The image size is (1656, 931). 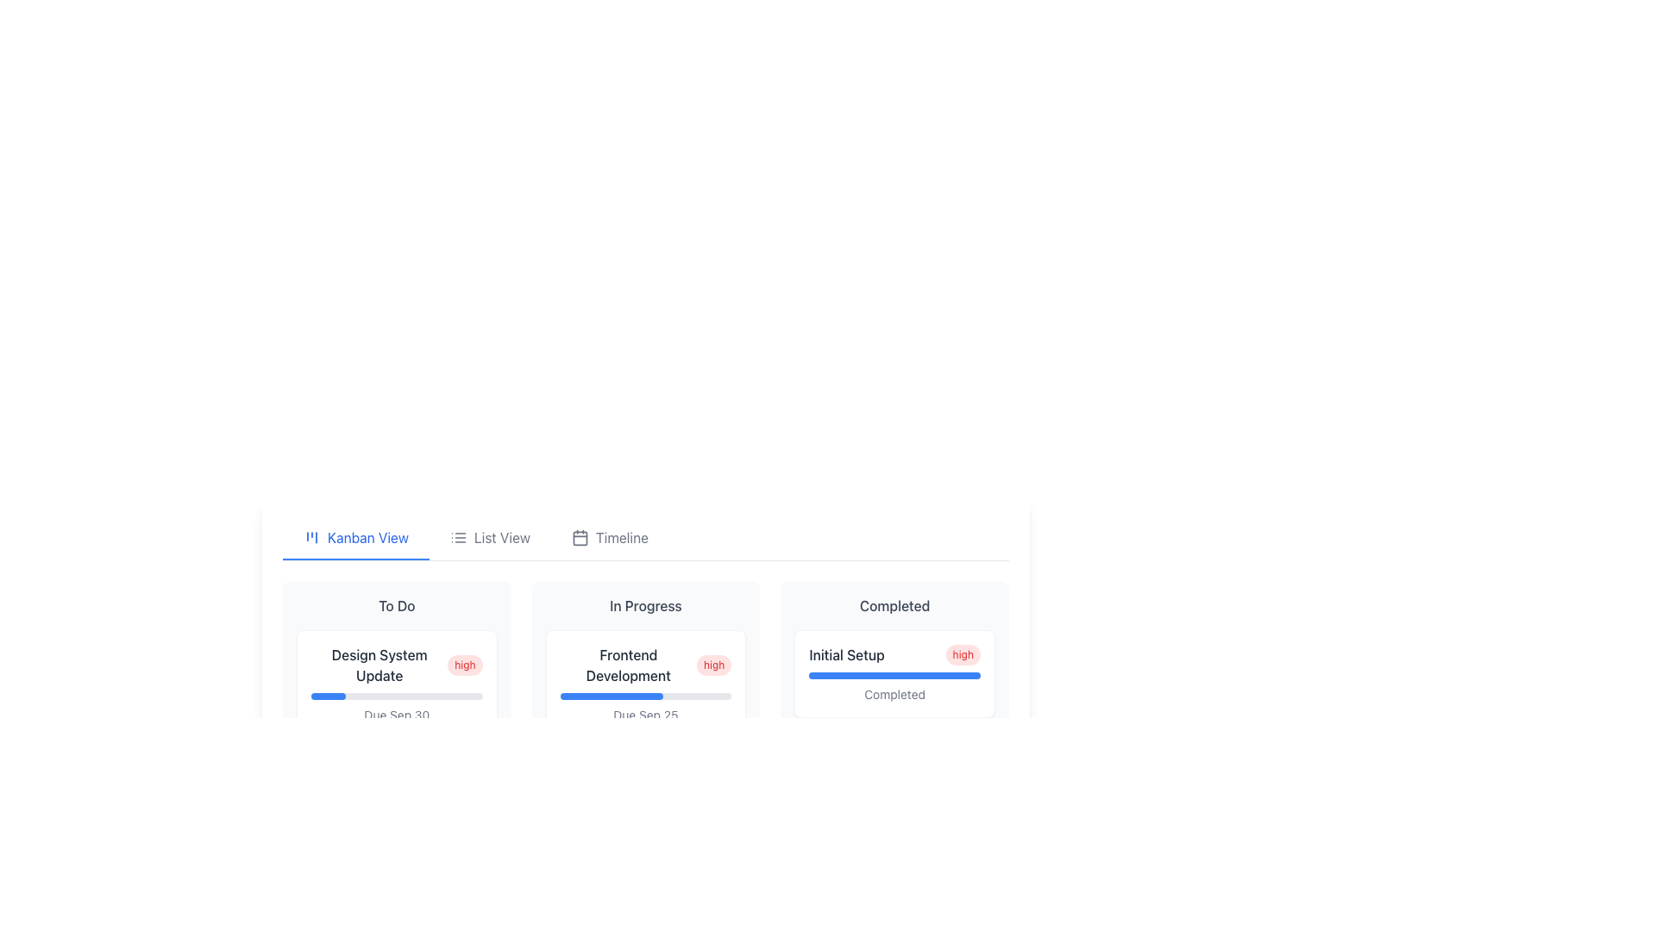 What do you see at coordinates (644, 695) in the screenshot?
I see `the progress visually on the horizontal progress bar located below 'Frontend Development' and above 'Due Sep 25' within the 'In Progress' column of the Kanban board` at bounding box center [644, 695].